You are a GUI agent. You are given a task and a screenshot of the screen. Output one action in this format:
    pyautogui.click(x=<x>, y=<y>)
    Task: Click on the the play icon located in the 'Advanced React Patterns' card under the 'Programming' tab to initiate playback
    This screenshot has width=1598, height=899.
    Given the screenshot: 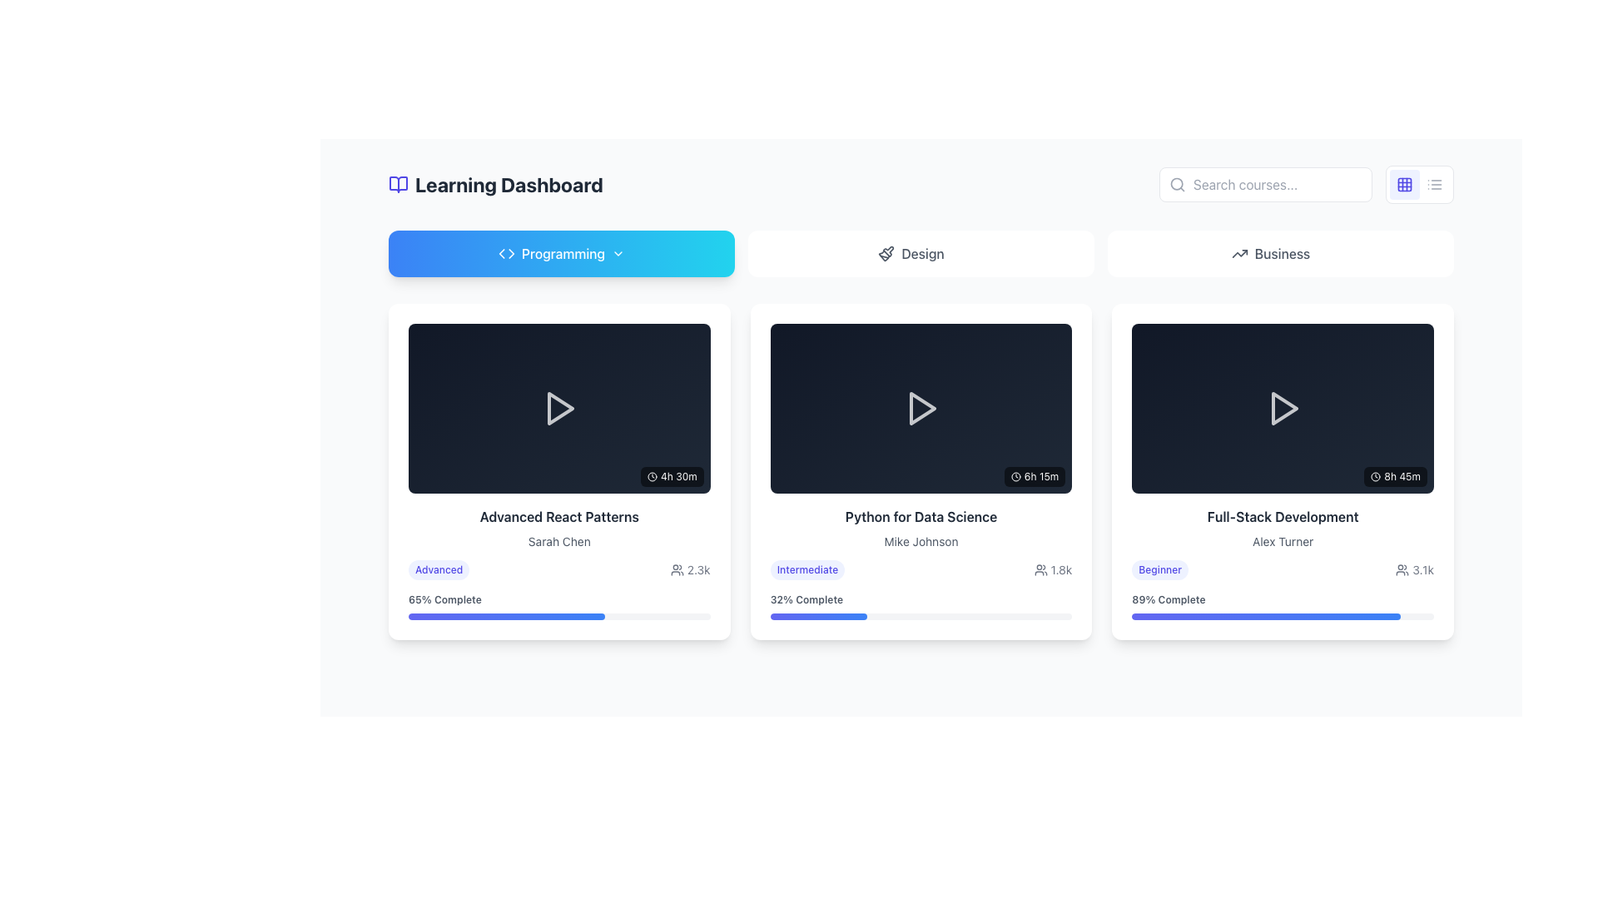 What is the action you would take?
    pyautogui.click(x=559, y=407)
    